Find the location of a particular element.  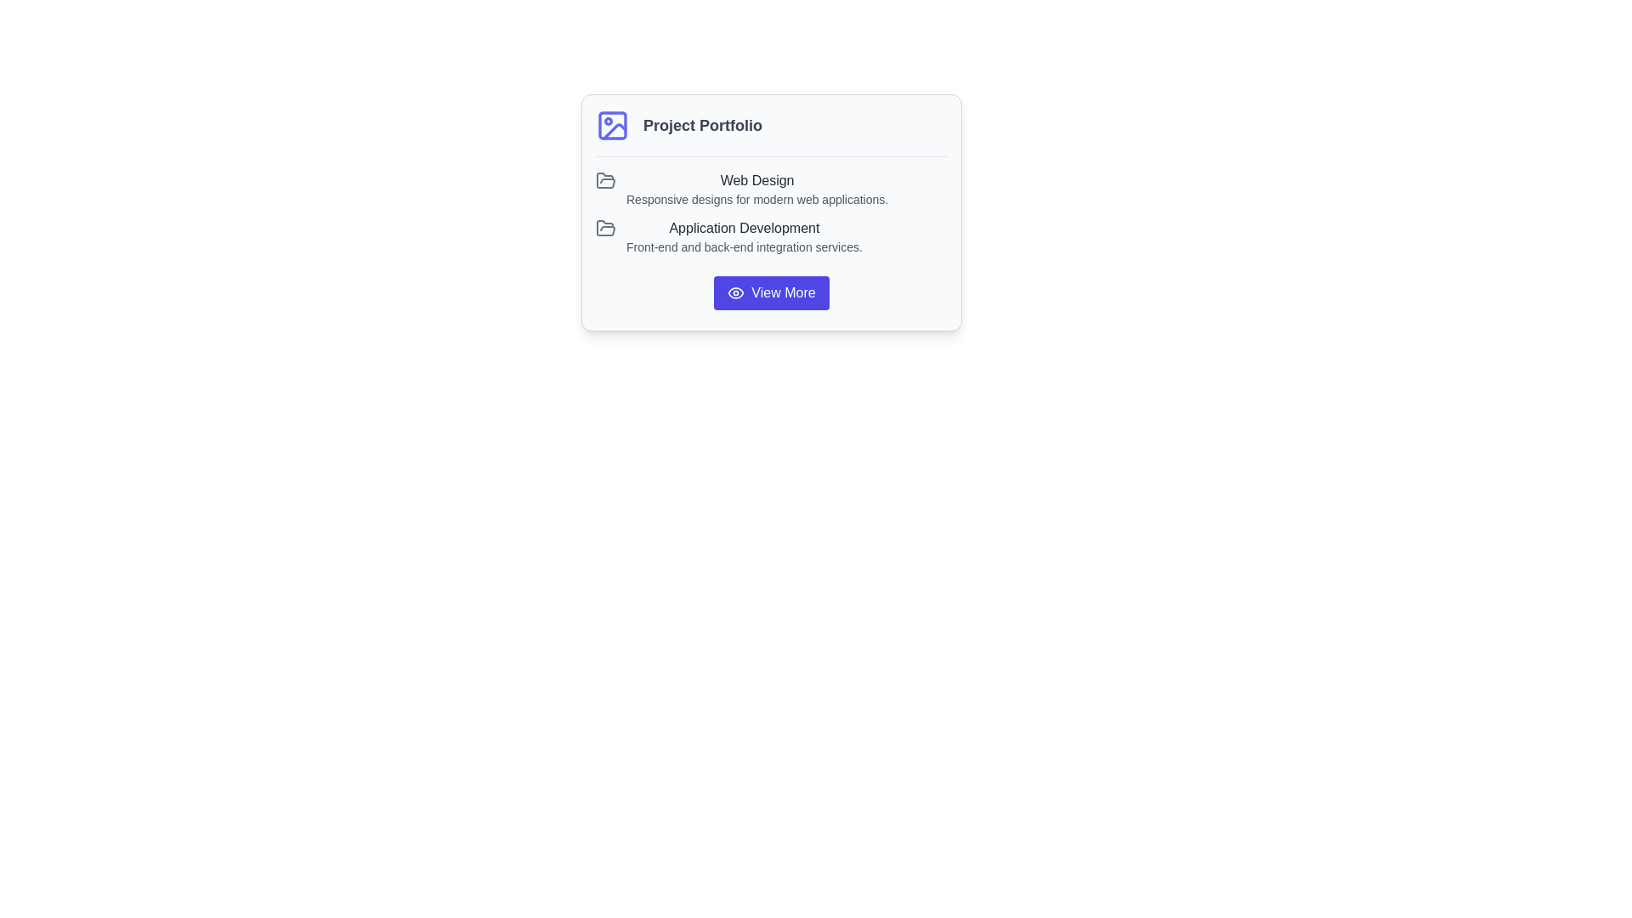

title 'Web Design' and the description 'Responsive designs for modern web applications.' from the first item in the project portfolio section, which is visually distinct with a larger bold title and a smaller lighter description is located at coordinates (756, 190).